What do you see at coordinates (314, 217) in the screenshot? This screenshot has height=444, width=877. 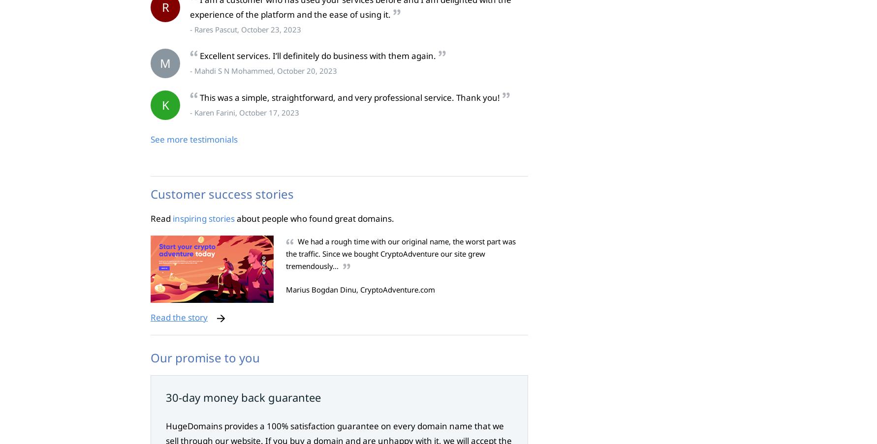 I see `'about people who found great domains.'` at bounding box center [314, 217].